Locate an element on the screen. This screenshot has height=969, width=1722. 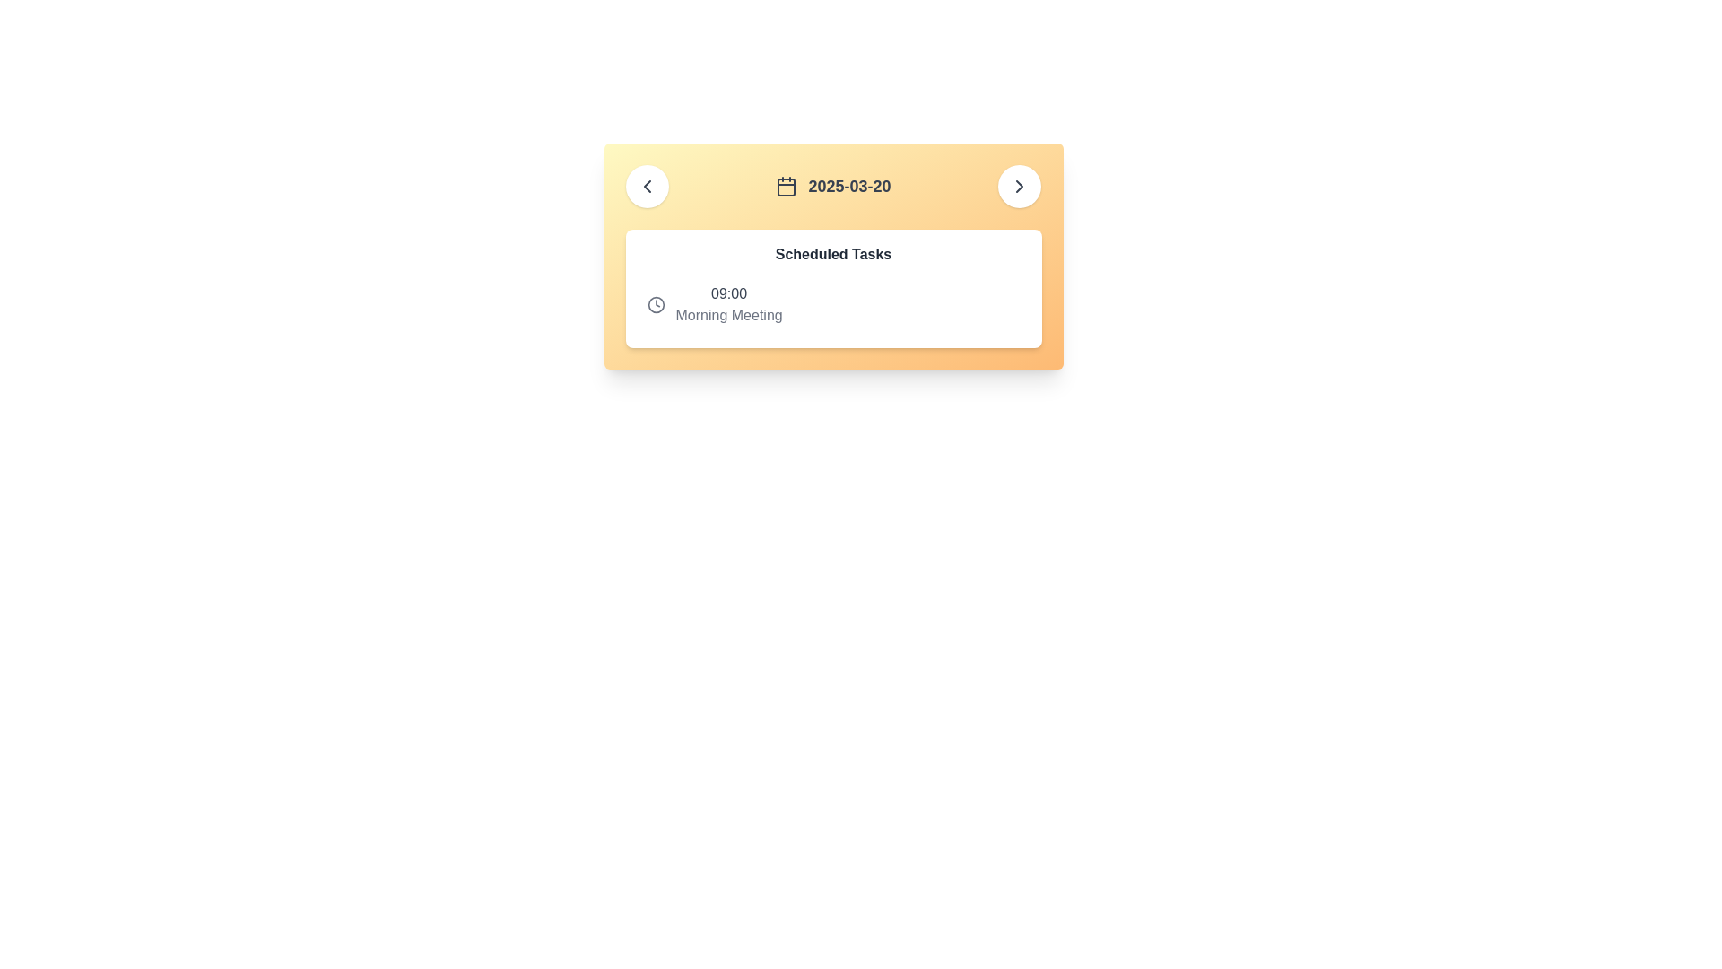
the circular button with a white background and a right-pointing chevron icon is located at coordinates (1020, 187).